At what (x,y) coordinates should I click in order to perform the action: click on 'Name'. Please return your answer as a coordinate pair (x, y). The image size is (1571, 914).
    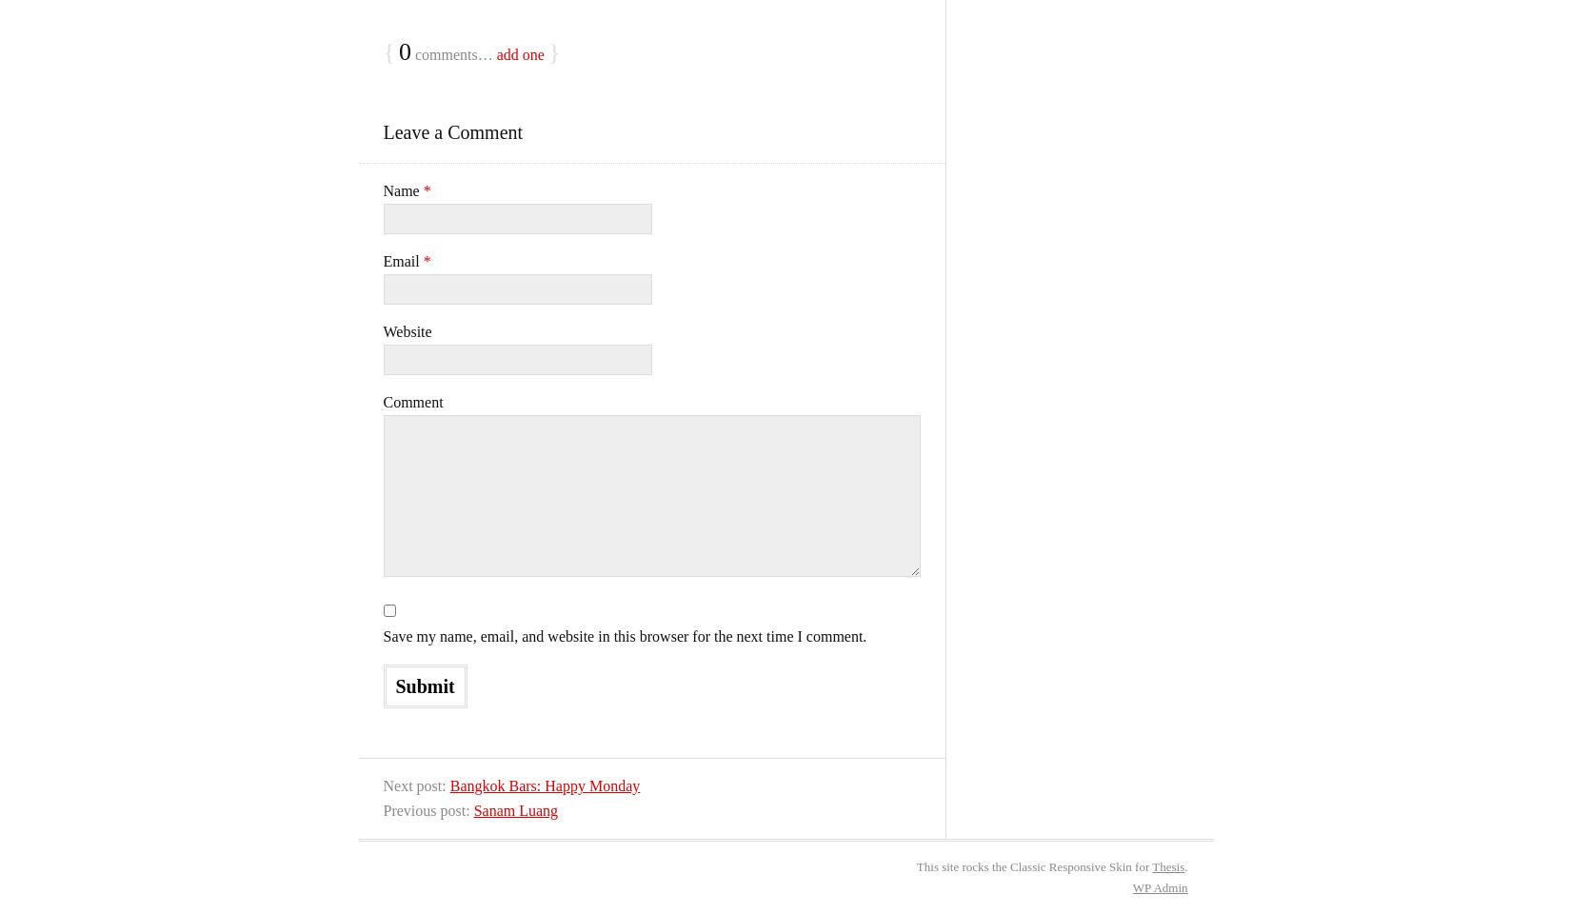
    Looking at the image, I should click on (402, 190).